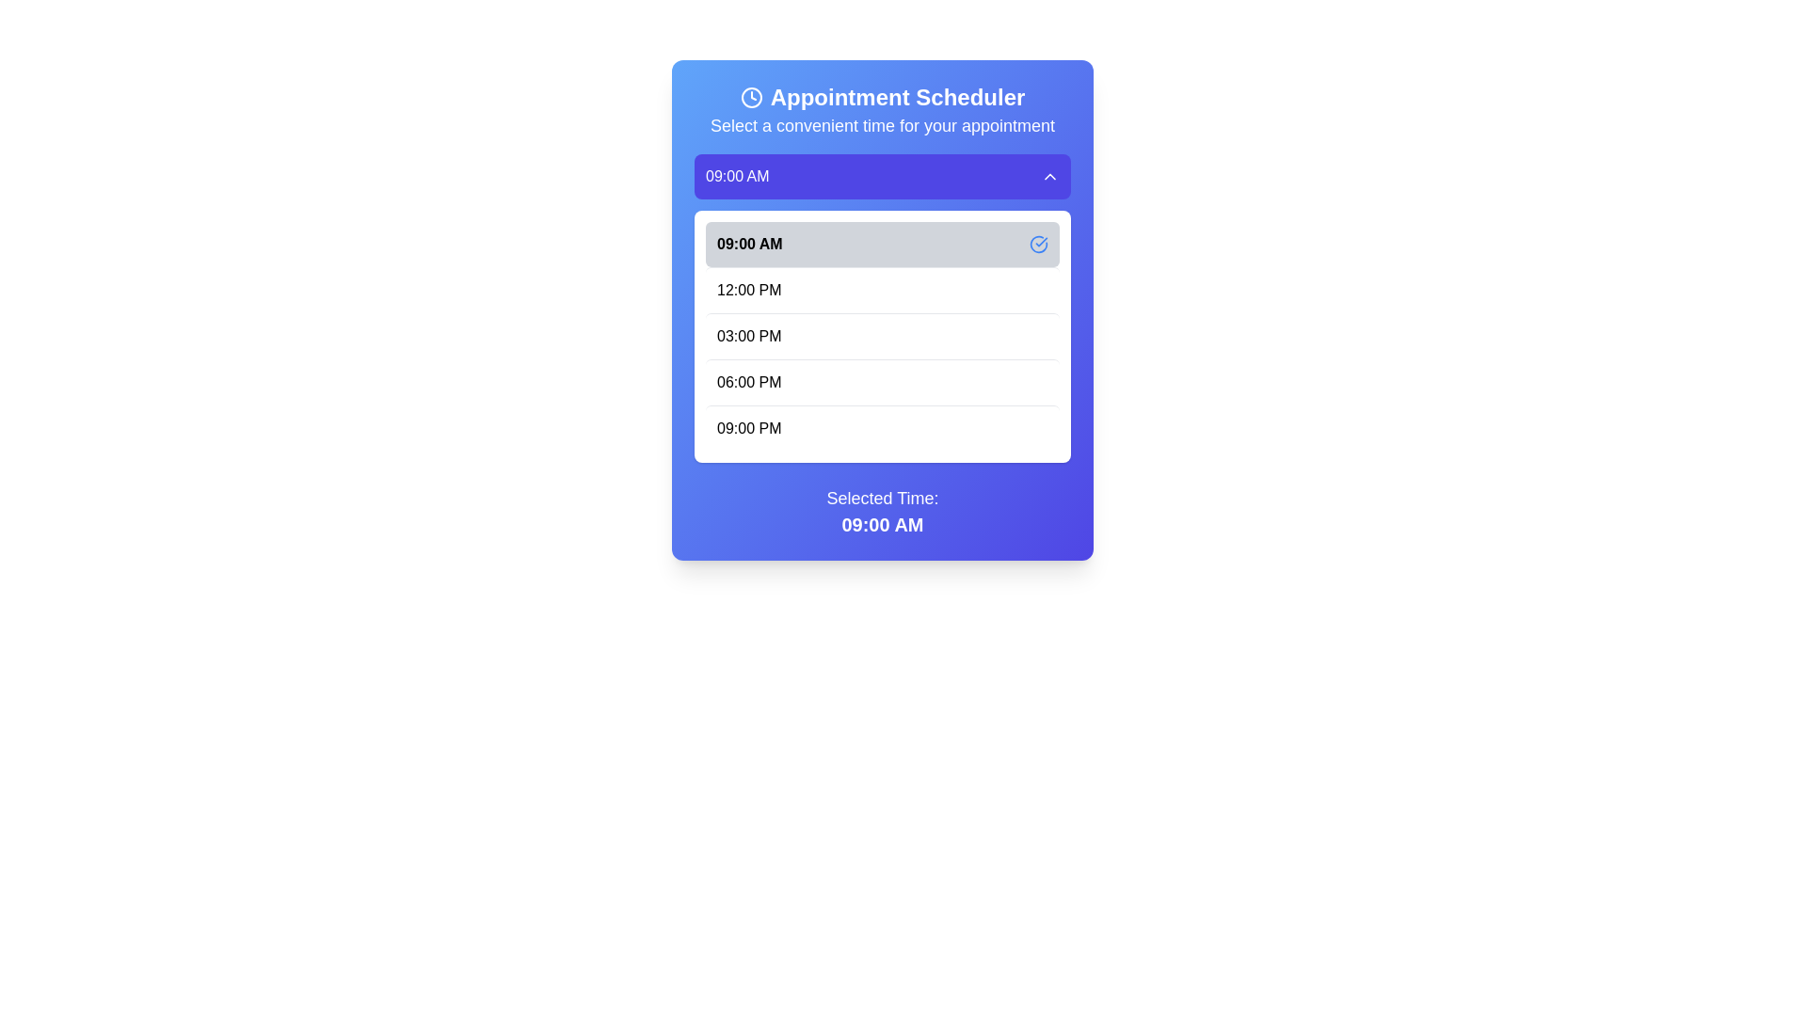 The image size is (1807, 1016). What do you see at coordinates (881, 243) in the screenshot?
I see `the first selectable time option in the appointment scheduler interface` at bounding box center [881, 243].